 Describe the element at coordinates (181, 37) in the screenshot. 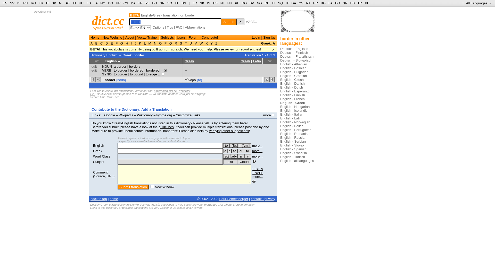

I see `'Users'` at that location.